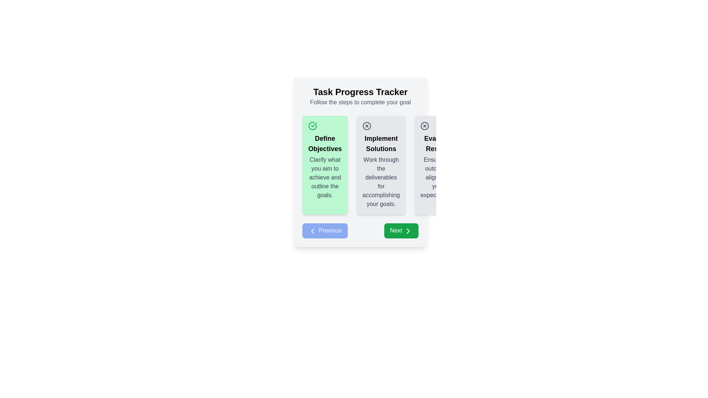 Image resolution: width=708 pixels, height=398 pixels. What do you see at coordinates (408, 230) in the screenshot?
I see `the arrow icon located in the center of the green 'Next' button in the bottom-right corner of the interface` at bounding box center [408, 230].